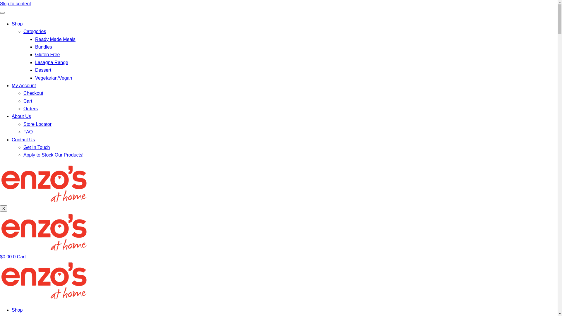 Image resolution: width=562 pixels, height=316 pixels. Describe the element at coordinates (43, 70) in the screenshot. I see `'Dessert'` at that location.